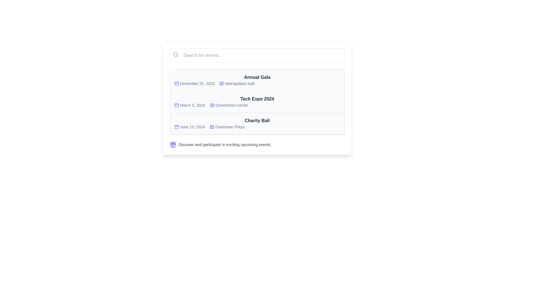  I want to click on the decorative icon representing the date or calendar event associated with 'December 20, 2023' for the 'Annual Gala', so click(176, 84).